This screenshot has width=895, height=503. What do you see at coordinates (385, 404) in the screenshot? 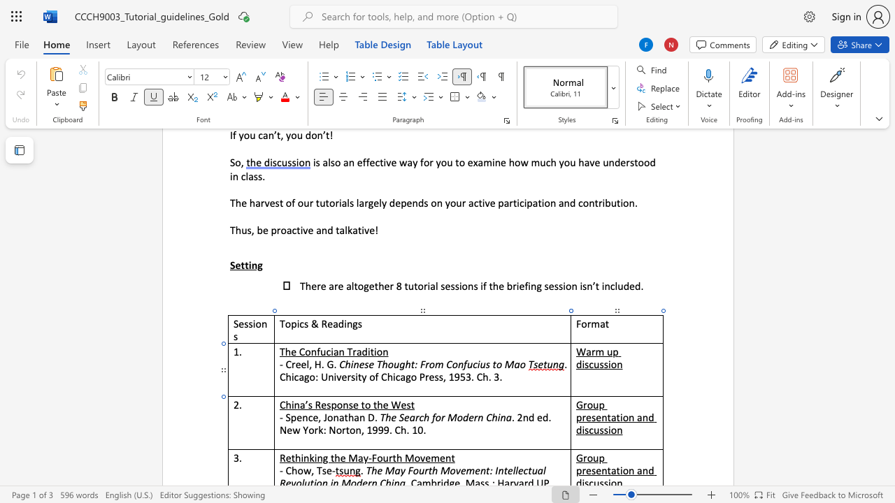
I see `the 3th character "e" in the text` at bounding box center [385, 404].